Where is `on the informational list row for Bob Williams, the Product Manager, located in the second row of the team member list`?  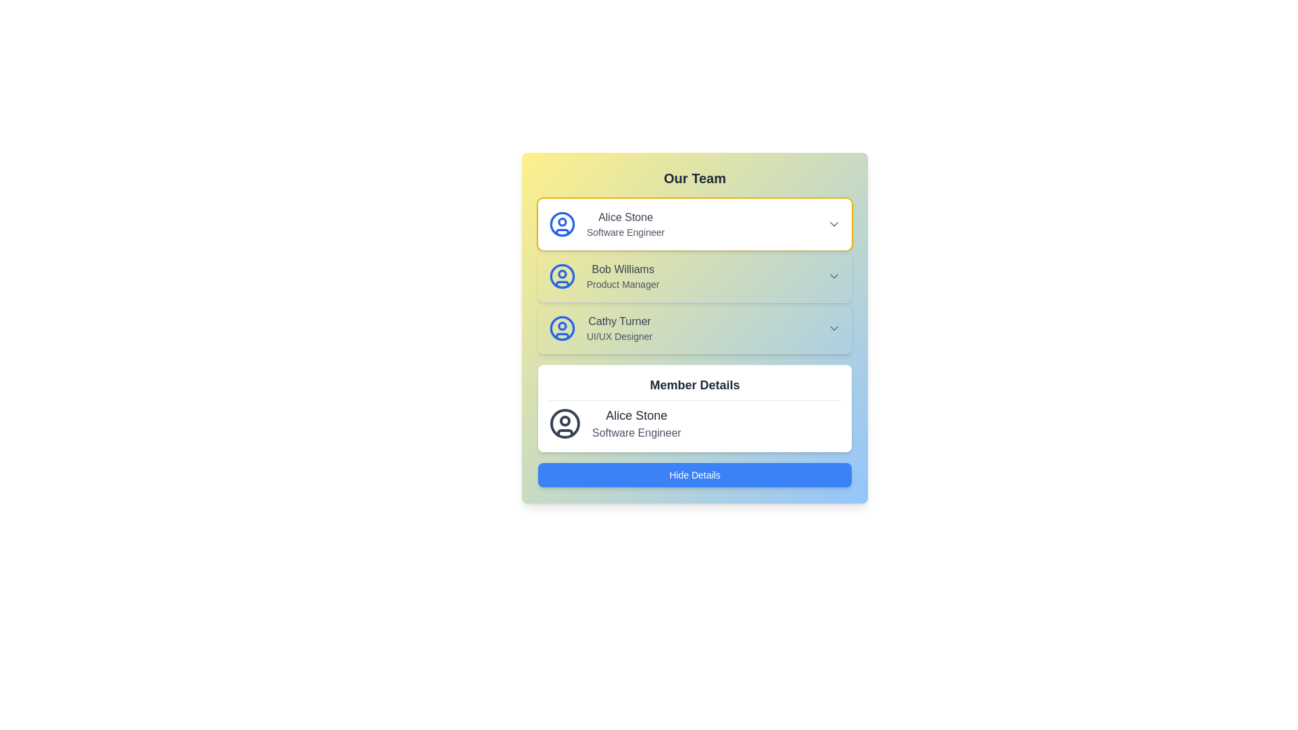 on the informational list row for Bob Williams, the Product Manager, located in the second row of the team member list is located at coordinates (603, 275).